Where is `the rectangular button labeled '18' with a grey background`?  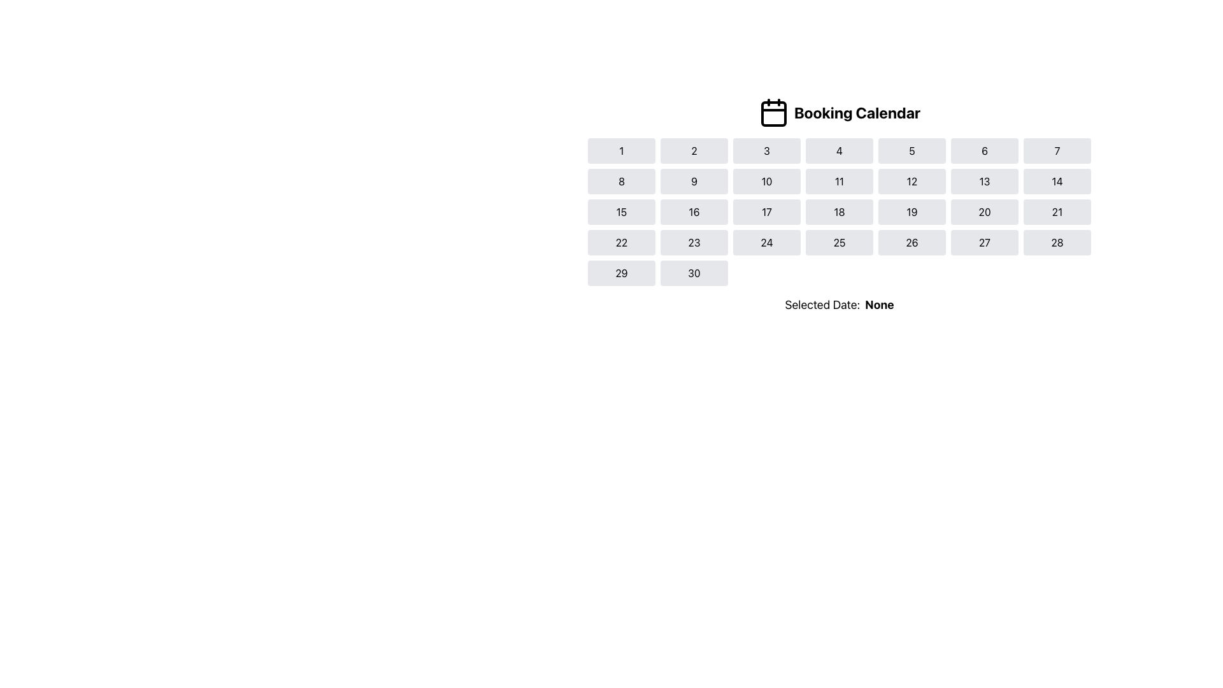
the rectangular button labeled '18' with a grey background is located at coordinates (840, 211).